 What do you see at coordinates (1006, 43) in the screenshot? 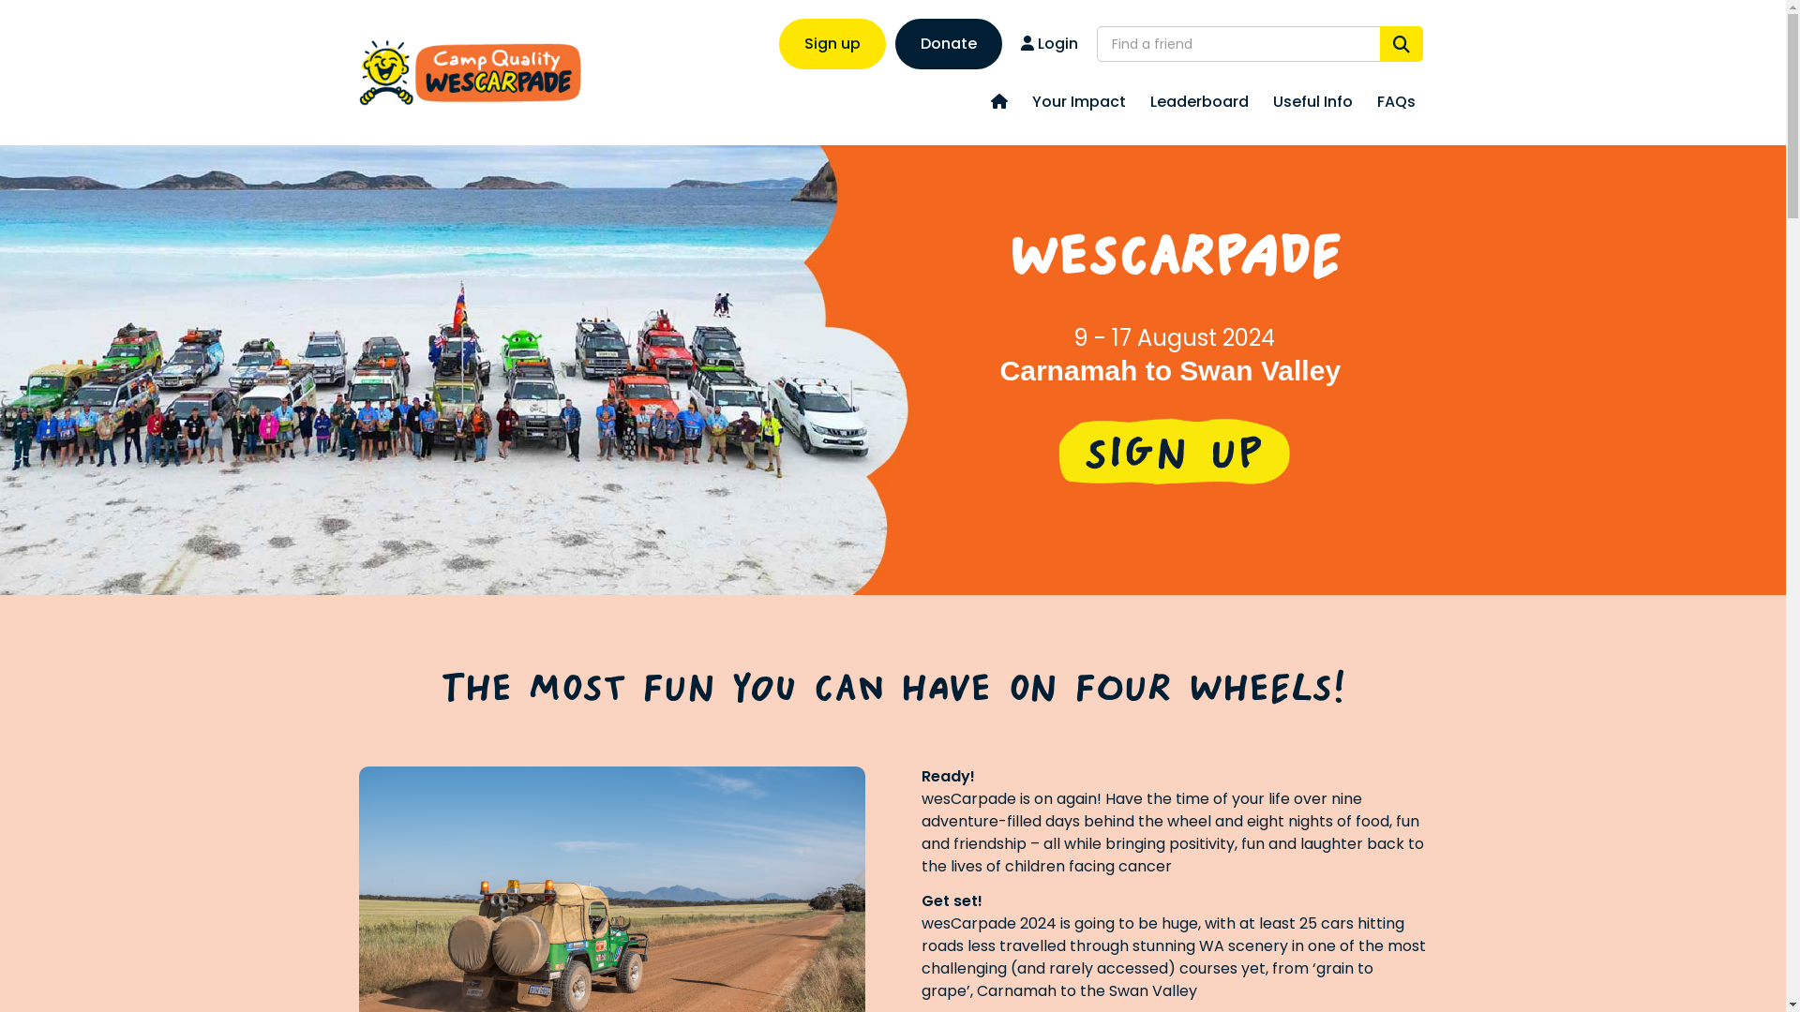
I see `'Login'` at bounding box center [1006, 43].